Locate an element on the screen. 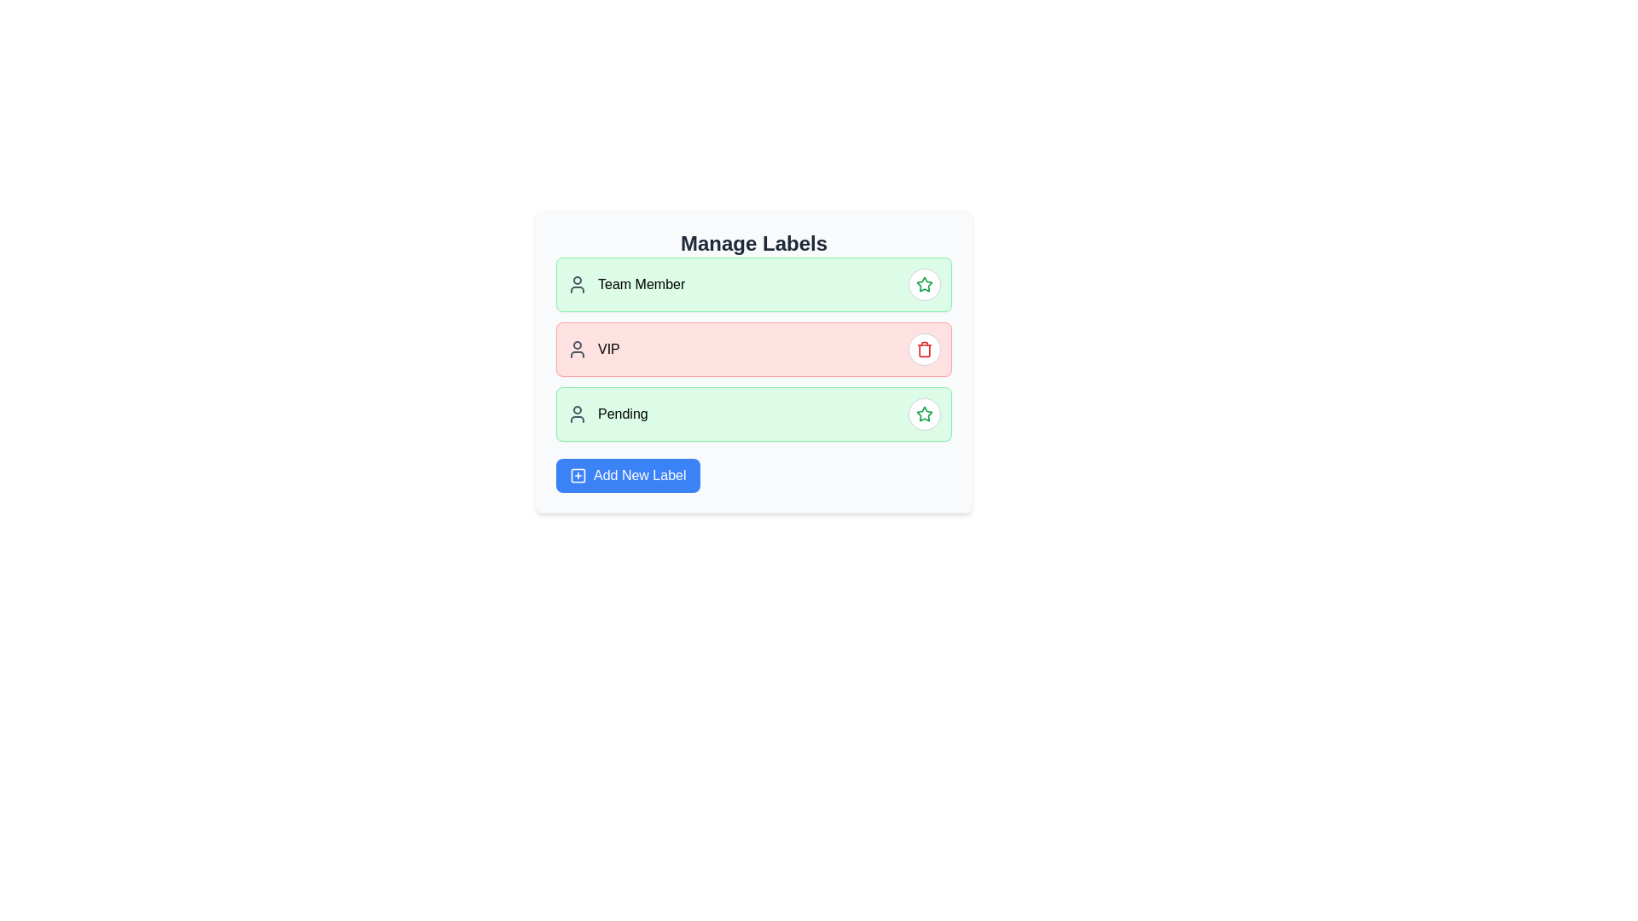 The height and width of the screenshot is (921, 1638). the 'Add New Label' text label within the blue button is located at coordinates (638, 476).